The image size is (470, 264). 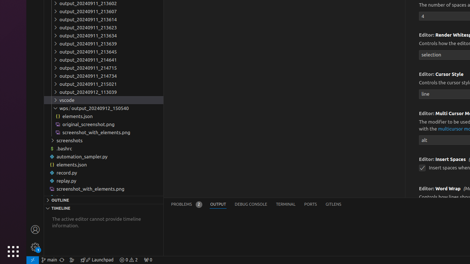 What do you see at coordinates (251, 204) in the screenshot?
I see `'Debug Console (Ctrl+Shift+Y)'` at bounding box center [251, 204].